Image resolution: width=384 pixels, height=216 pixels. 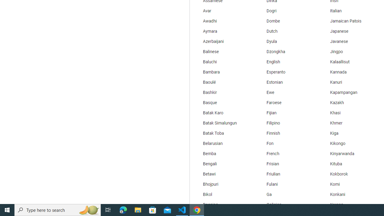 I want to click on 'French', so click(x=287, y=154).